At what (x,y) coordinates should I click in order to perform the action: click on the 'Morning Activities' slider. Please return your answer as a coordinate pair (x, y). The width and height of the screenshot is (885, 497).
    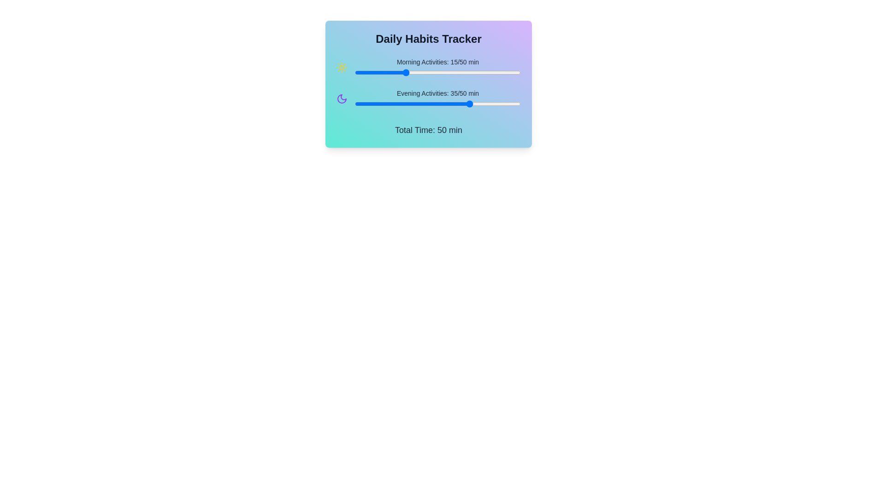
    Looking at the image, I should click on (441, 72).